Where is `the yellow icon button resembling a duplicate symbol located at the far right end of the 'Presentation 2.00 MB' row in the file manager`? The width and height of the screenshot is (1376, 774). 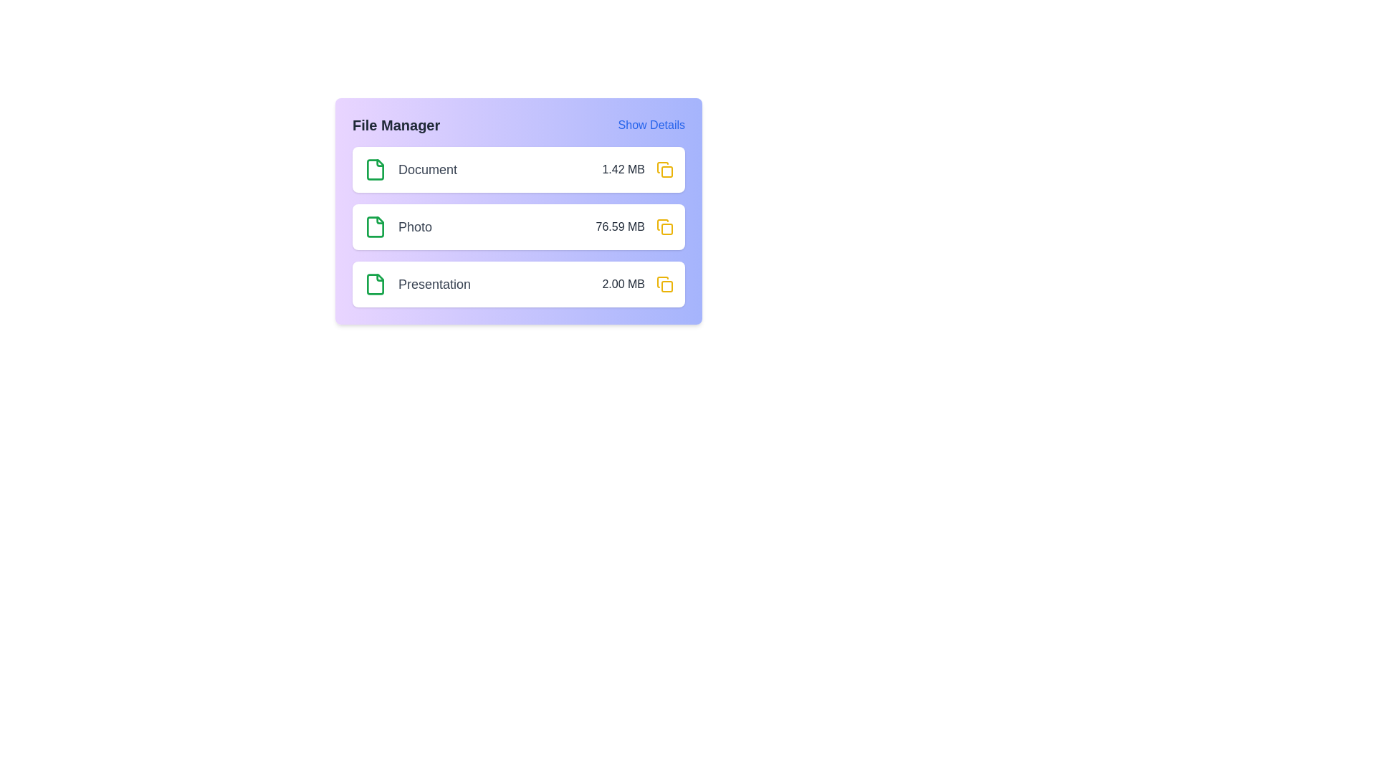
the yellow icon button resembling a duplicate symbol located at the far right end of the 'Presentation 2.00 MB' row in the file manager is located at coordinates (664, 285).